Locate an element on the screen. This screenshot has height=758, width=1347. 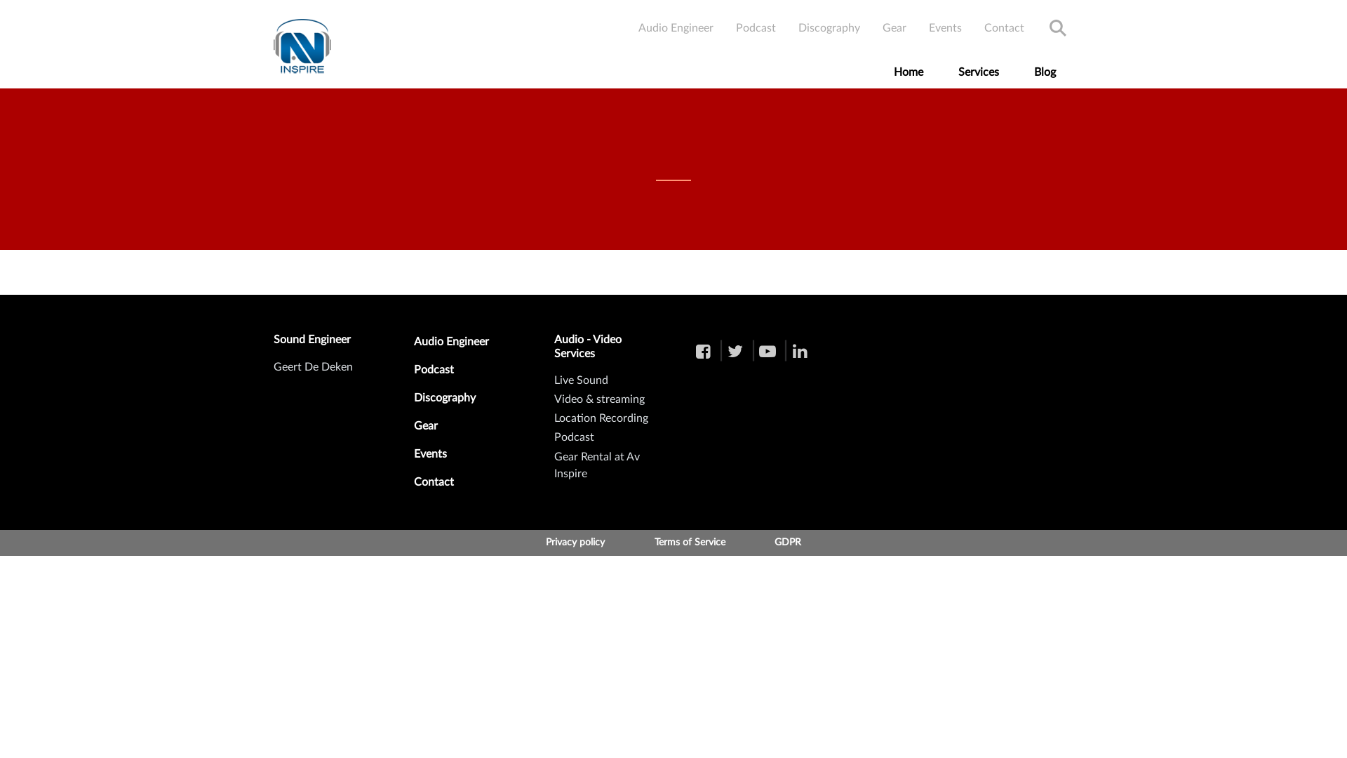
'Live Sound' is located at coordinates (581, 380).